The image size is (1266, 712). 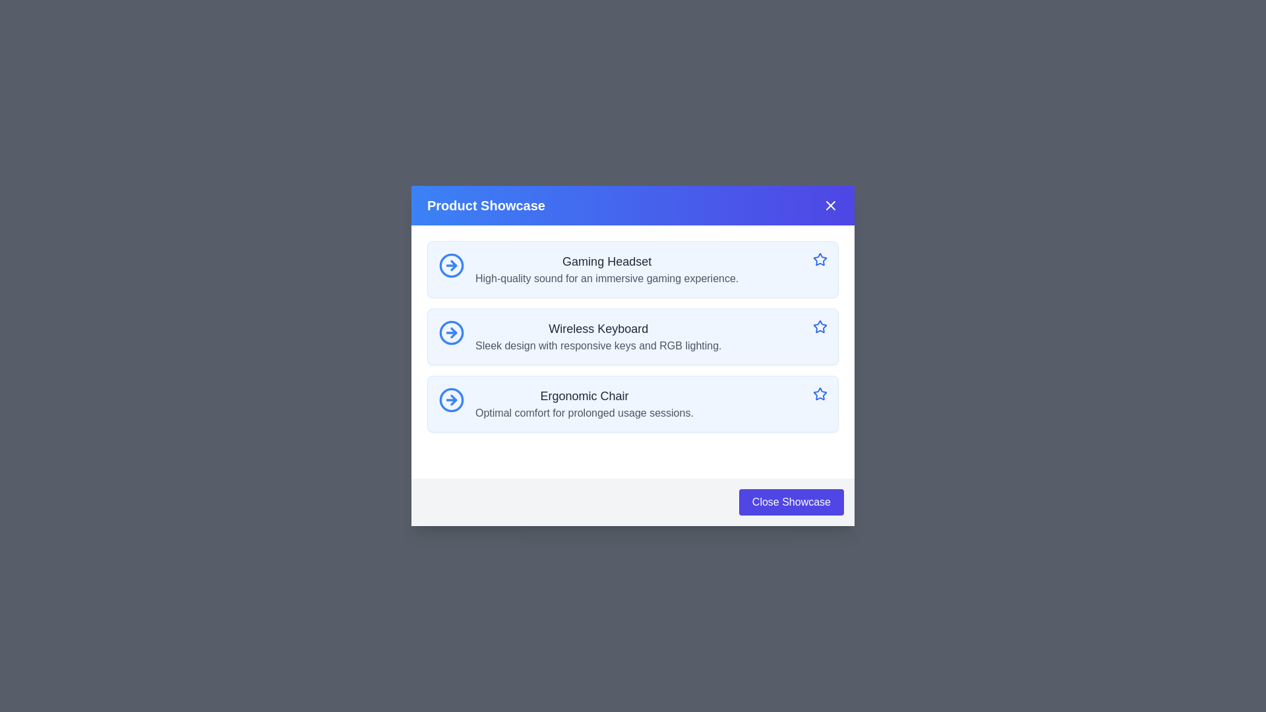 What do you see at coordinates (452, 399) in the screenshot?
I see `the circular blue icon with a rightwards arrow located to the left of the text 'Ergonomic Chair'` at bounding box center [452, 399].